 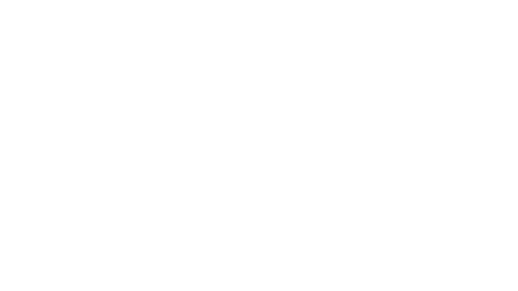 What do you see at coordinates (20, 238) in the screenshot?
I see `Play` at bounding box center [20, 238].